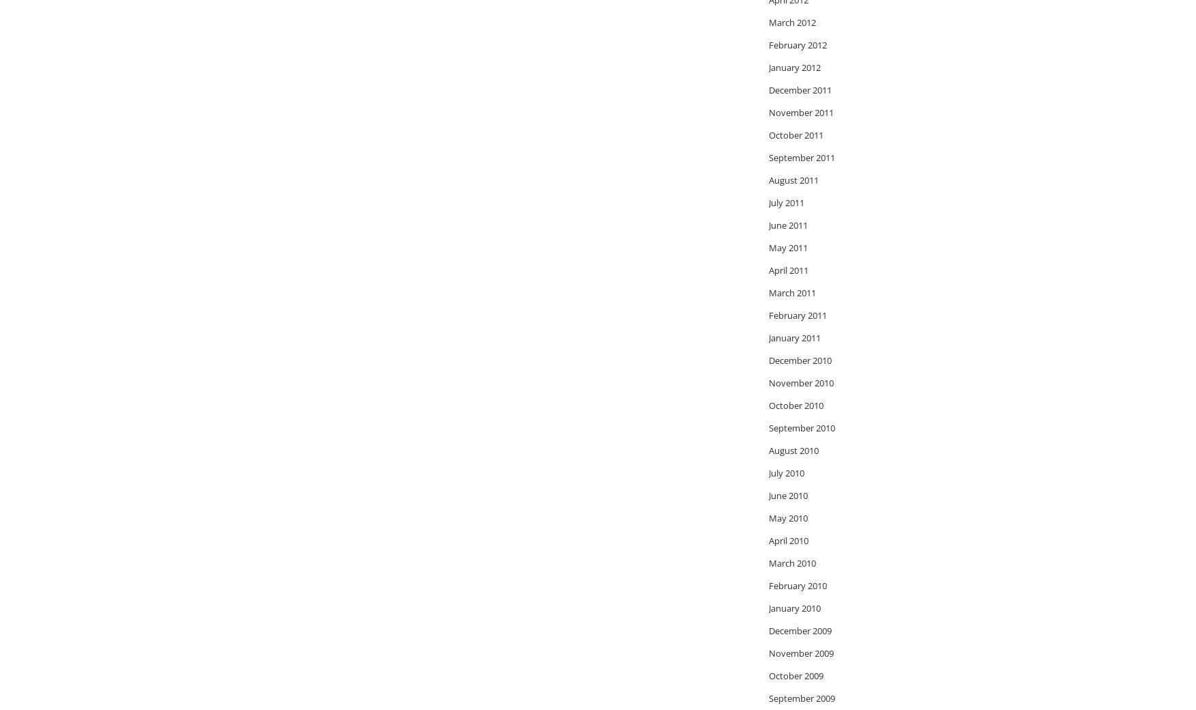 The image size is (1196, 710). I want to click on 'December 2009', so click(799, 630).